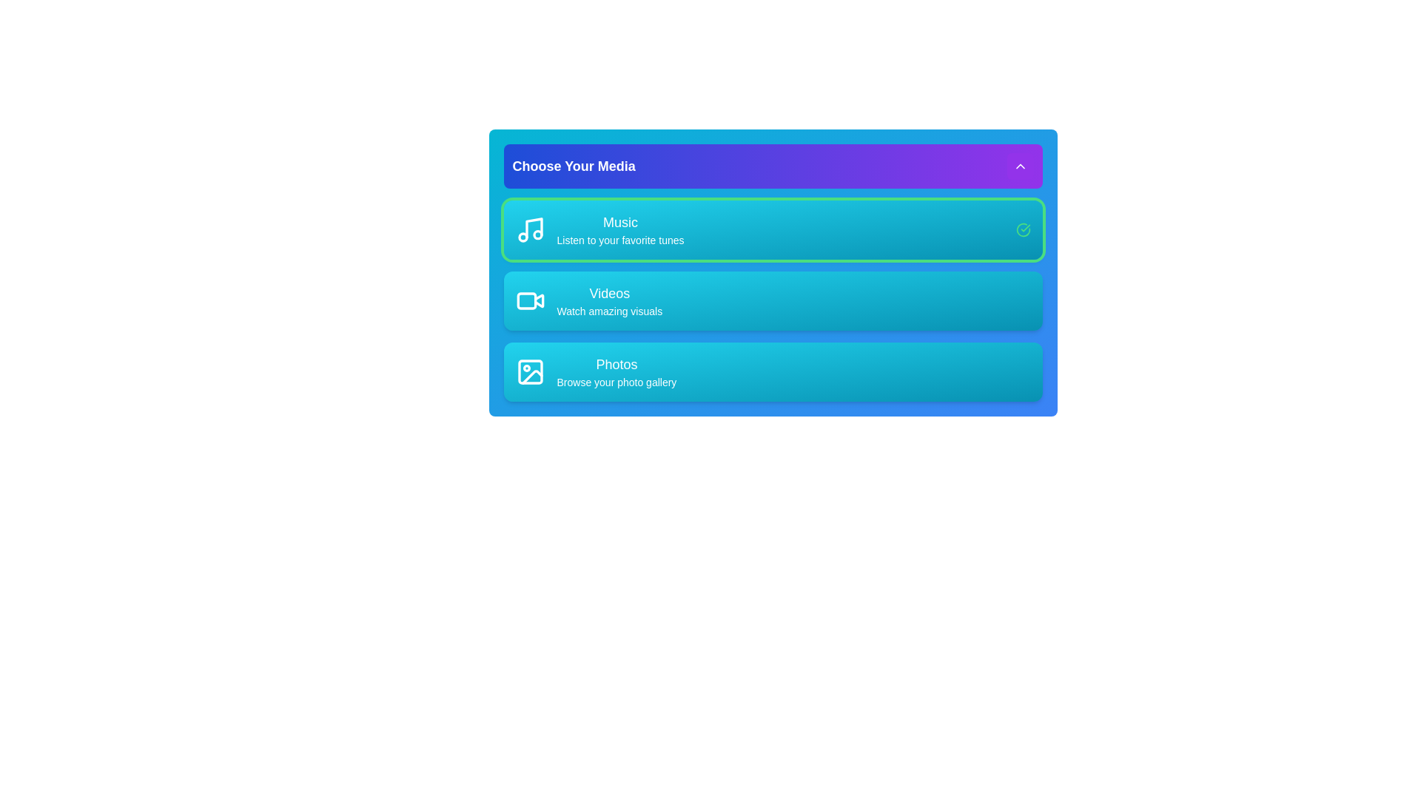 Image resolution: width=1421 pixels, height=799 pixels. Describe the element at coordinates (1019, 166) in the screenshot. I see `the expand/collapse button to toggle the menu visibility` at that location.